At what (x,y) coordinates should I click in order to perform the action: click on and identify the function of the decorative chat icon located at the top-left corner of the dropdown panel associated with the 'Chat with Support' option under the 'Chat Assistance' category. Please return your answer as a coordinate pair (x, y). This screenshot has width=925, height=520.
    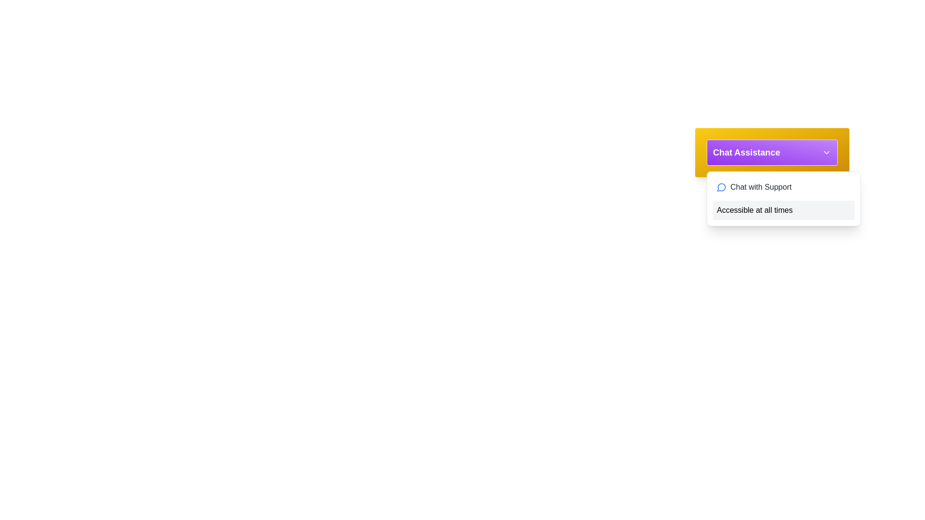
    Looking at the image, I should click on (721, 187).